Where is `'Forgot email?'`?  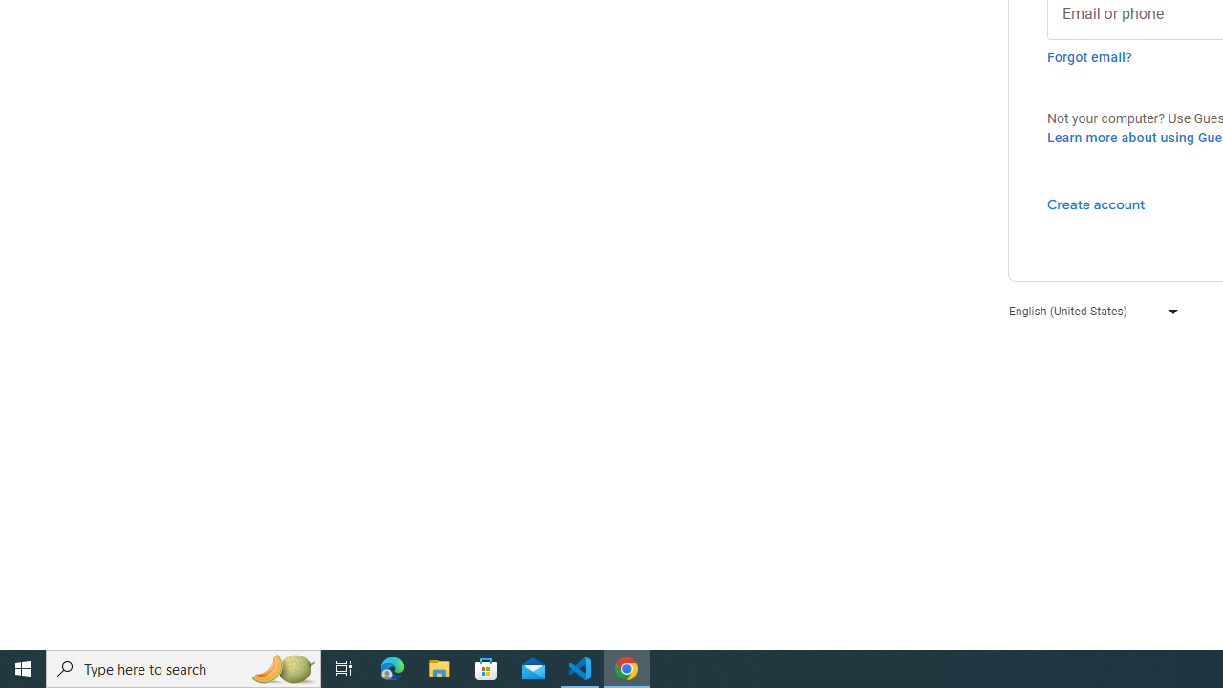 'Forgot email?' is located at coordinates (1089, 56).